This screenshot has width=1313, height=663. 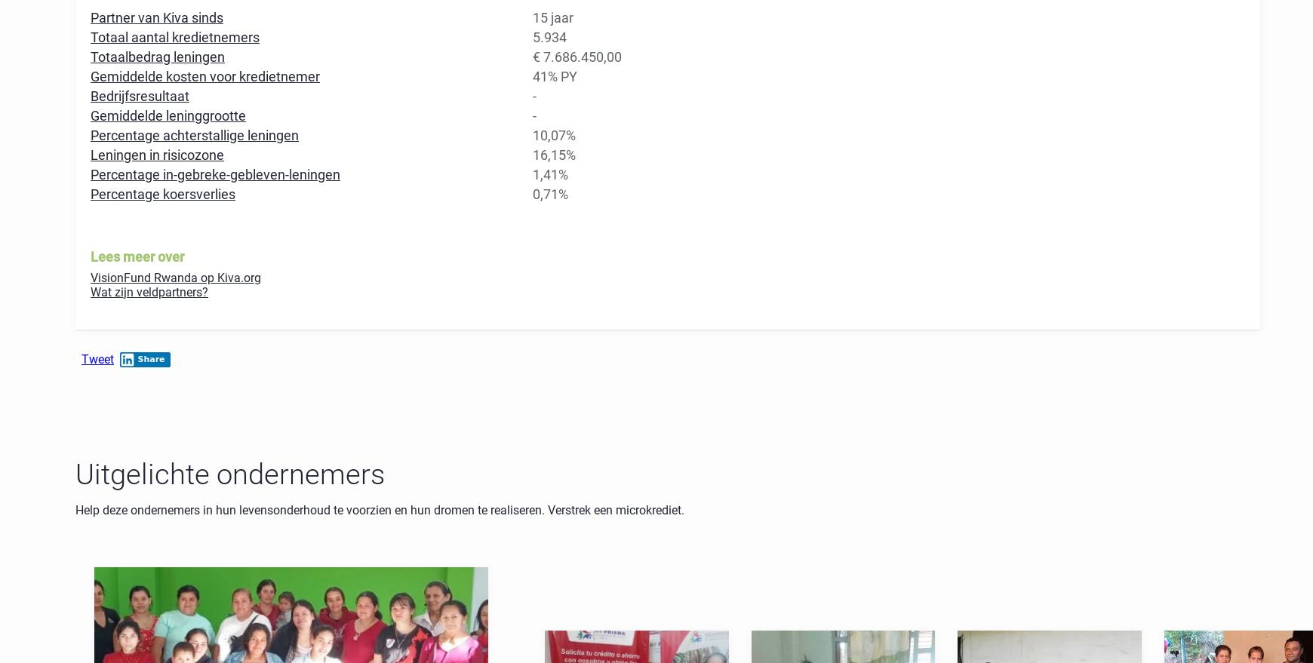 What do you see at coordinates (175, 277) in the screenshot?
I see `'VisionFund Rwanda op Kiva.org'` at bounding box center [175, 277].